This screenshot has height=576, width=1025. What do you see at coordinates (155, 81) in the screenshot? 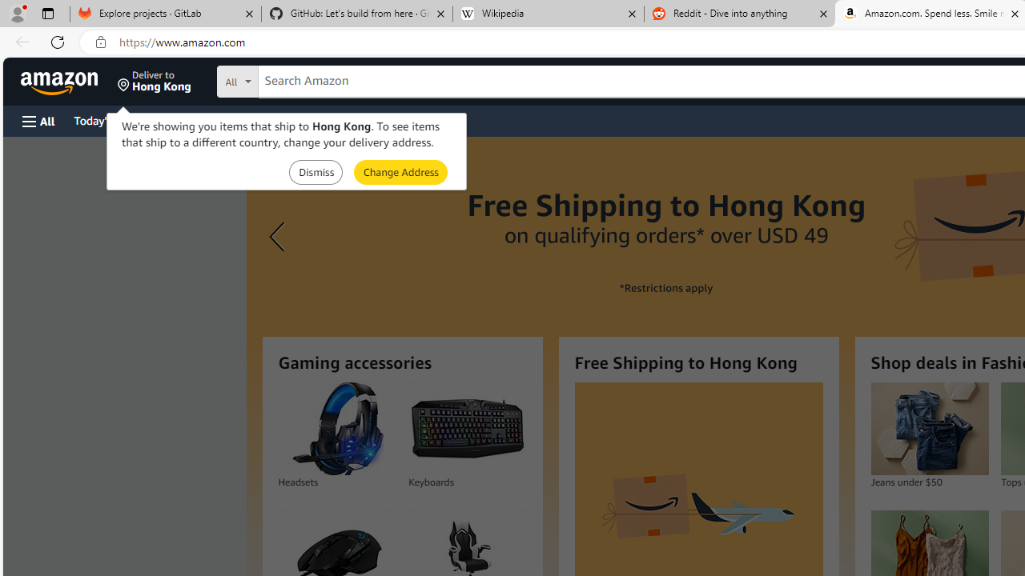
I see `'Deliver to Hong Kong'` at bounding box center [155, 81].